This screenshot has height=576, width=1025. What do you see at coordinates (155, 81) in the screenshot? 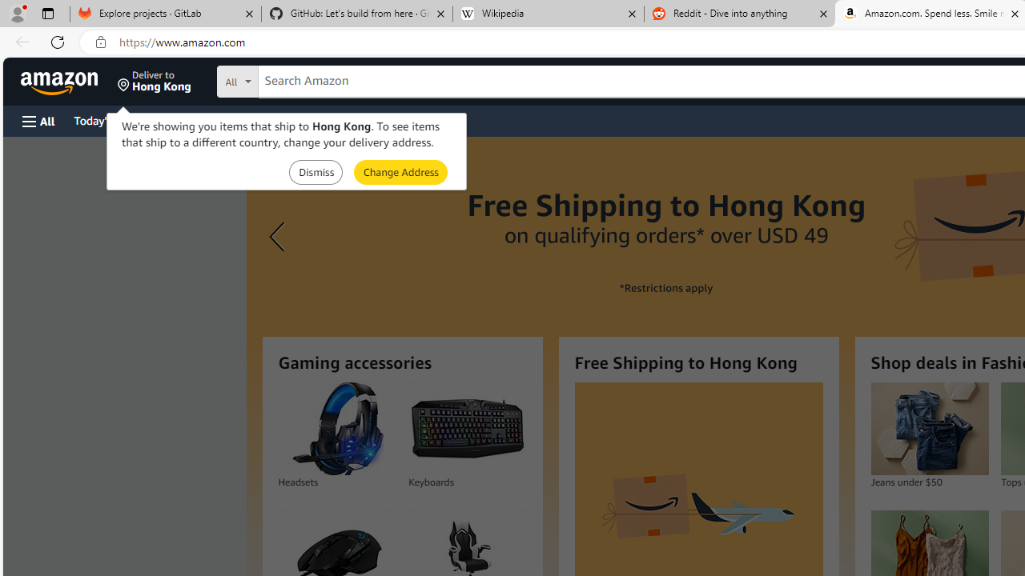
I see `'Deliver to Hong Kong'` at bounding box center [155, 81].